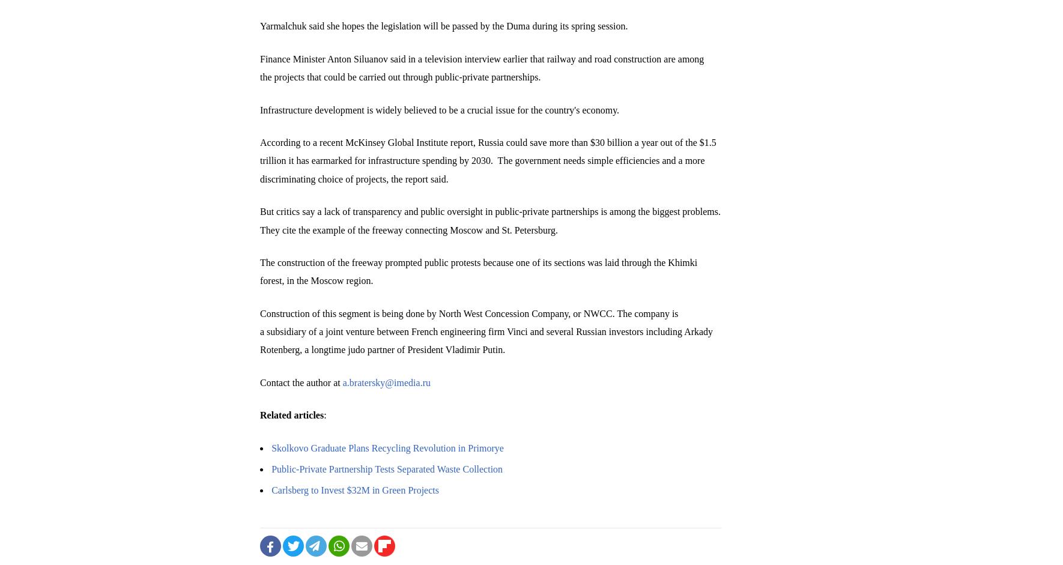 The width and height of the screenshot is (1063, 565). What do you see at coordinates (489, 220) in the screenshot?
I see `'But critics say a lack of transparency and public oversight in public-private partnerships is among the biggest problems. They cite the example of the freeway connecting Moscow and St. Petersburg.'` at bounding box center [489, 220].